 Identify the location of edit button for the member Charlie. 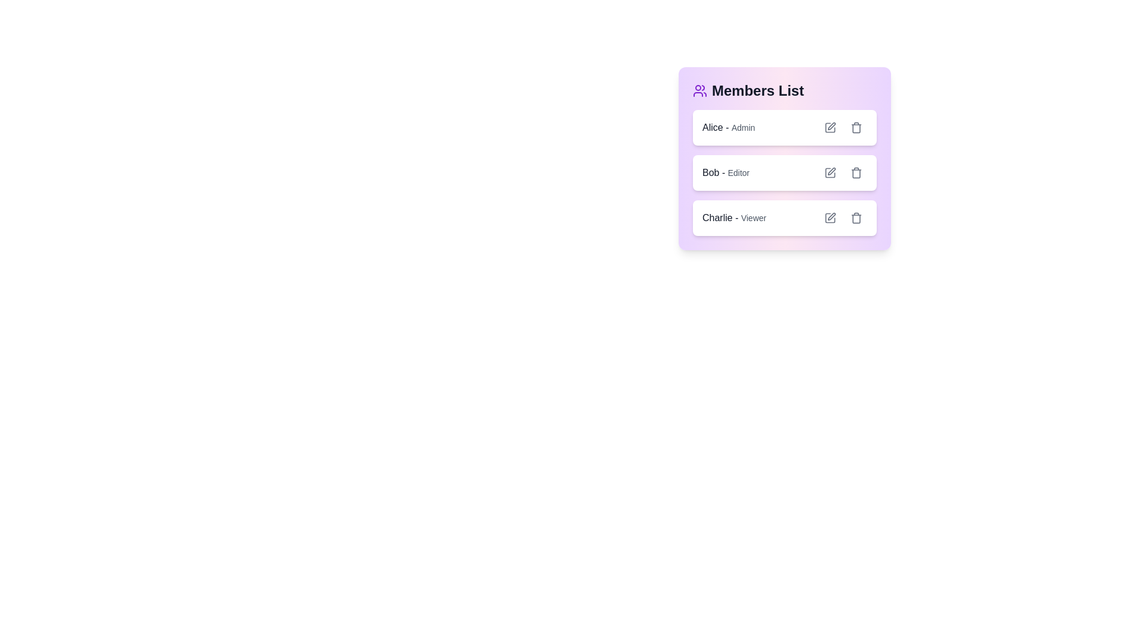
(830, 218).